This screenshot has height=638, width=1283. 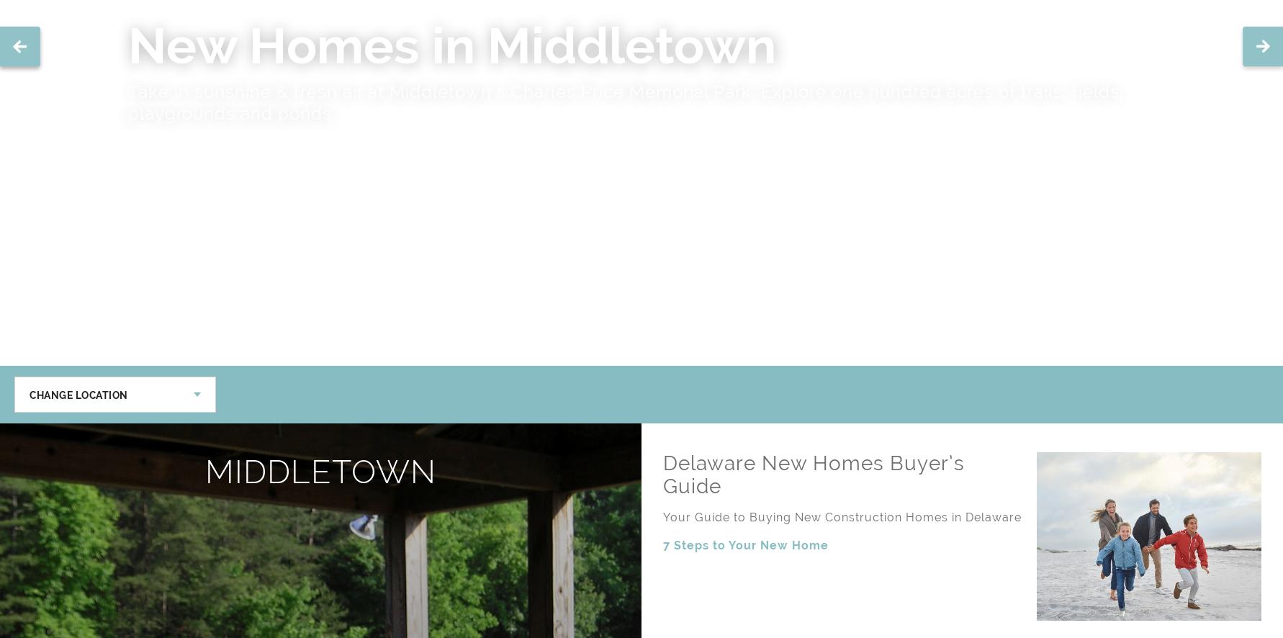 What do you see at coordinates (637, 102) in the screenshot?
I see `'Unleash your wild side at Brandywine Zoo. See exotic wild animals up close at the enclosures & shows, or book a party & enjoy zoo party perks.'` at bounding box center [637, 102].